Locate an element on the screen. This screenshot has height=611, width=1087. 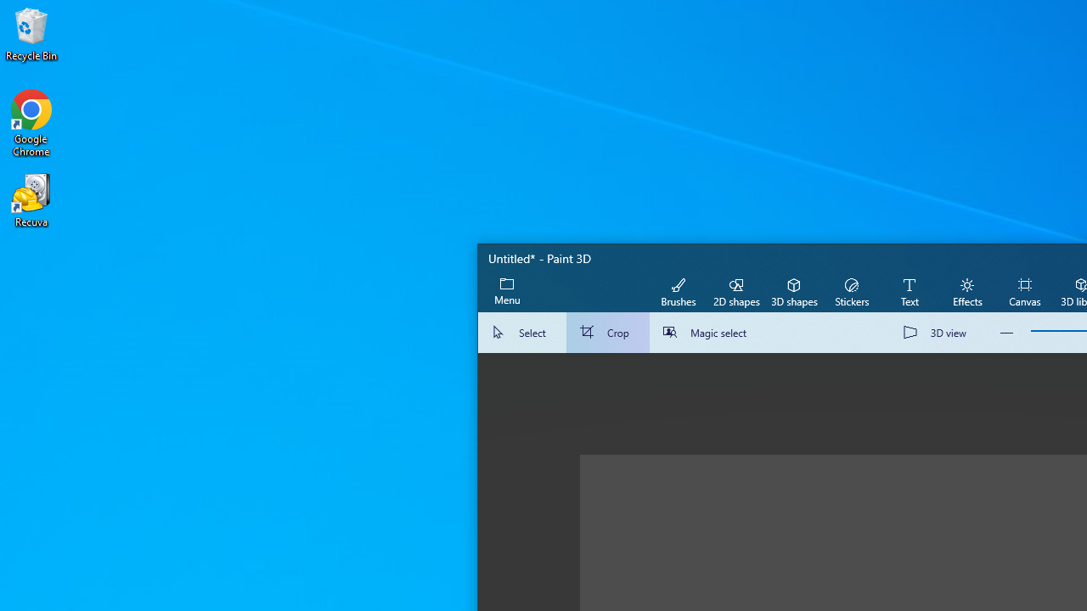
'Effects' is located at coordinates (966, 290).